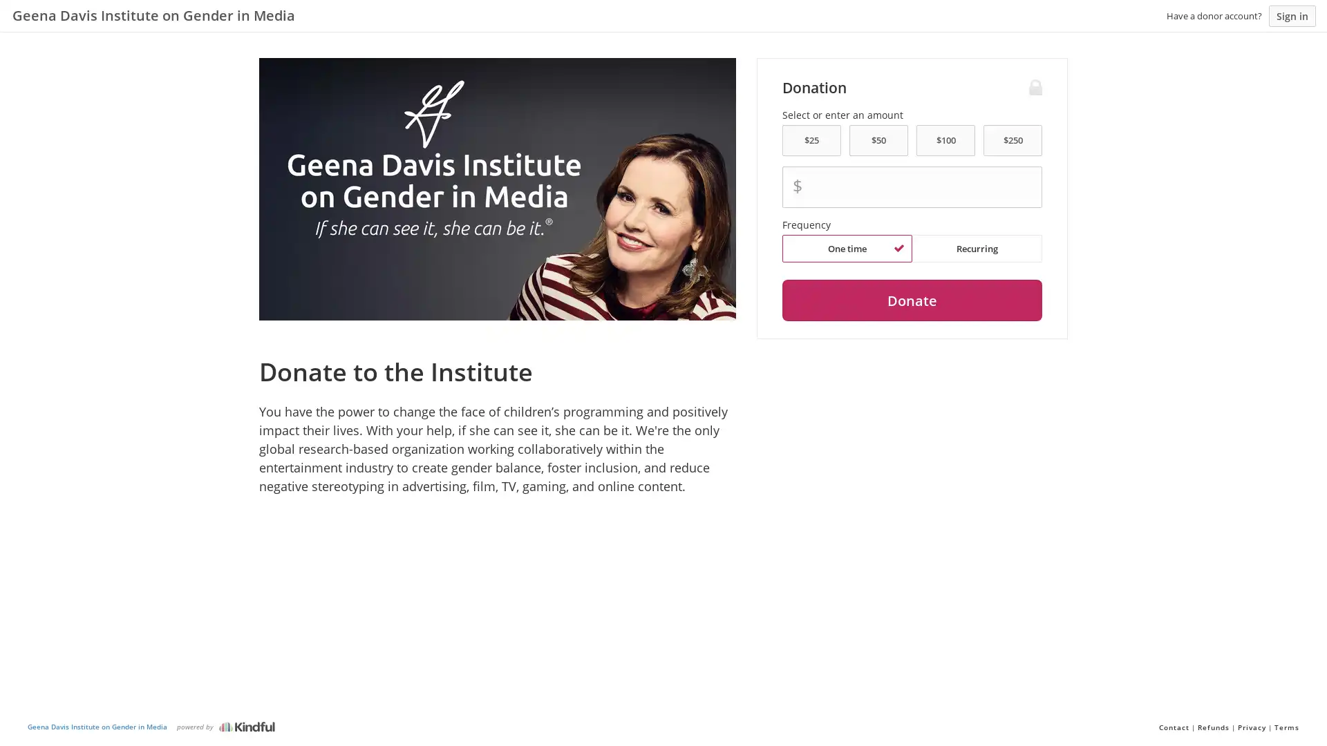 The height and width of the screenshot is (746, 1327). Describe the element at coordinates (945, 140) in the screenshot. I see `$100` at that location.